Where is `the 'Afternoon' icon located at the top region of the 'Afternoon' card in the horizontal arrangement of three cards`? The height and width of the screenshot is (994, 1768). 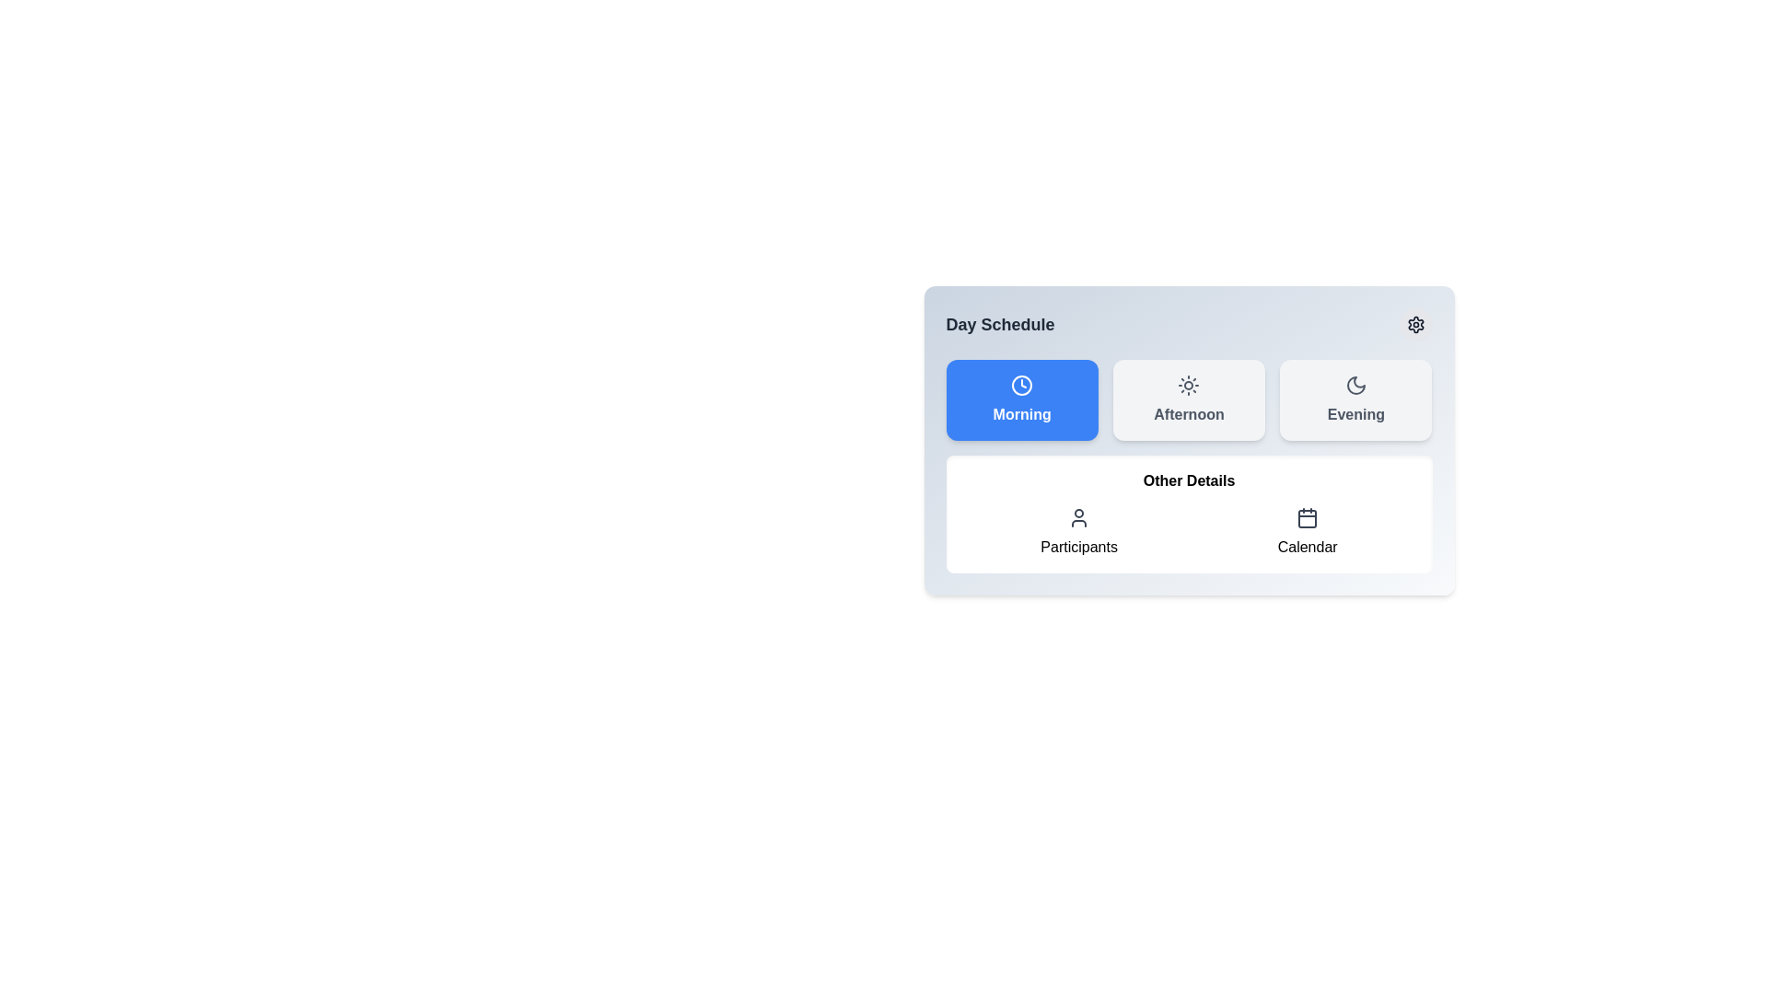
the 'Afternoon' icon located at the top region of the 'Afternoon' card in the horizontal arrangement of three cards is located at coordinates (1189, 385).